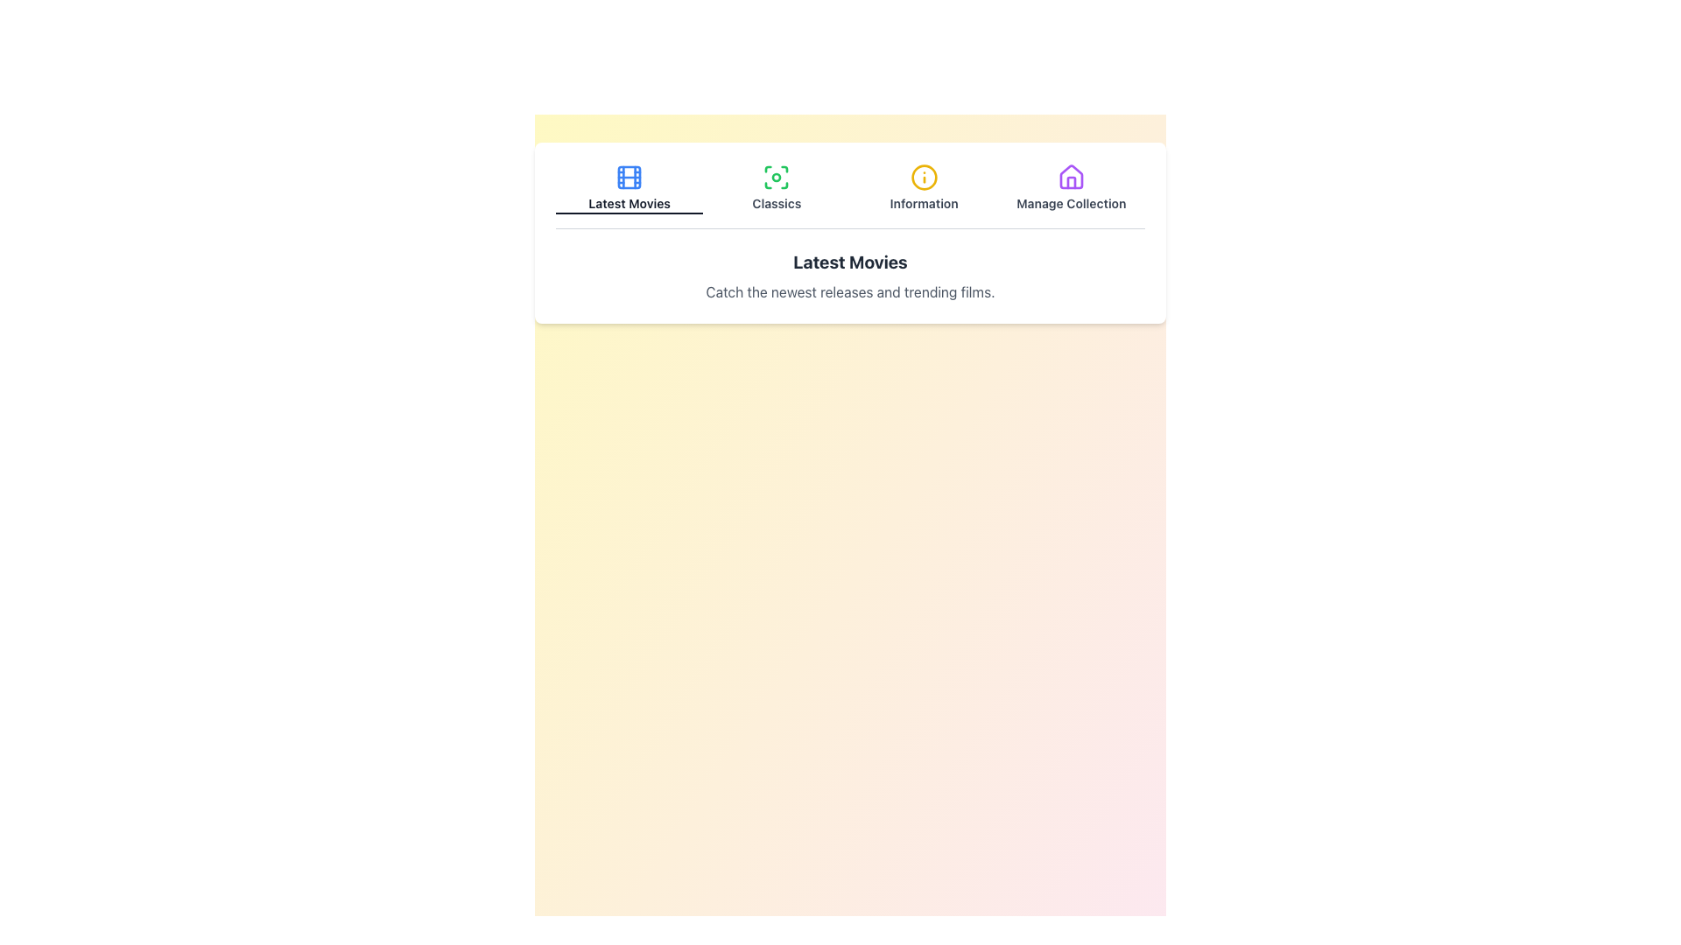 The image size is (1681, 945). Describe the element at coordinates (776, 202) in the screenshot. I see `the 'Classics' text label, which is the second label from the left in a horizontal row indicating a category for classic movies, positioned beneath a green focus design icon` at that location.